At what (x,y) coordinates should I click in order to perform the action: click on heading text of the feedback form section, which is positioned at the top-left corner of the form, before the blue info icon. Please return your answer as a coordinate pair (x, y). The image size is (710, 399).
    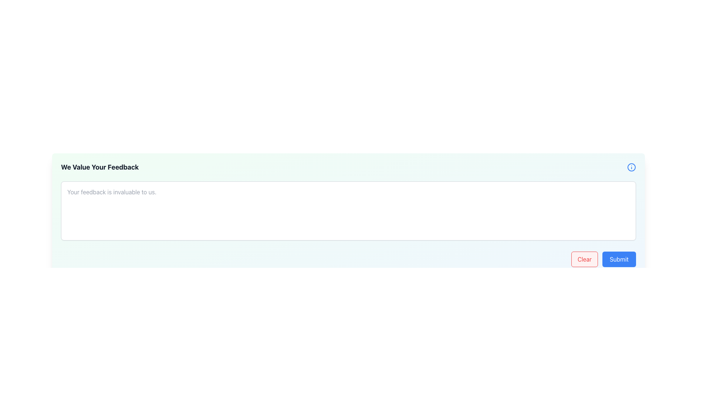
    Looking at the image, I should click on (99, 167).